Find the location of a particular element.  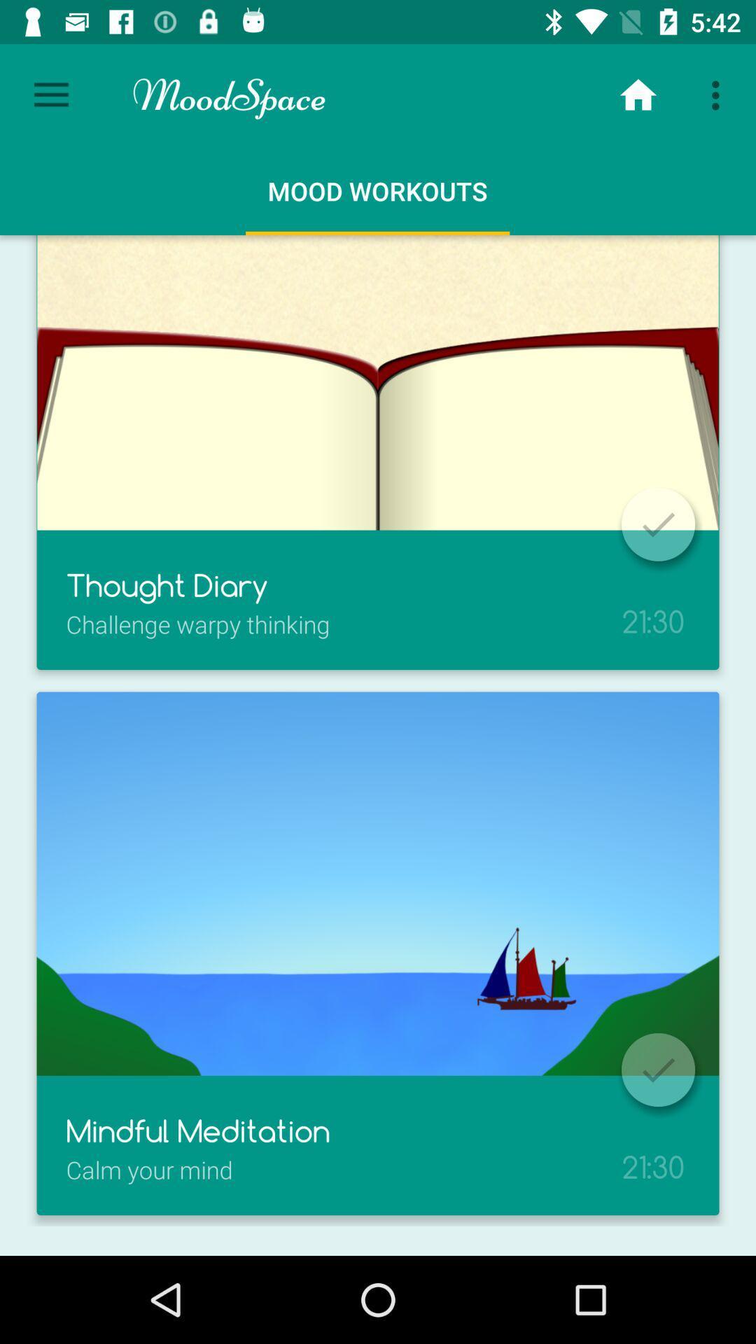

icon to the right of the moodspace item is located at coordinates (638, 94).